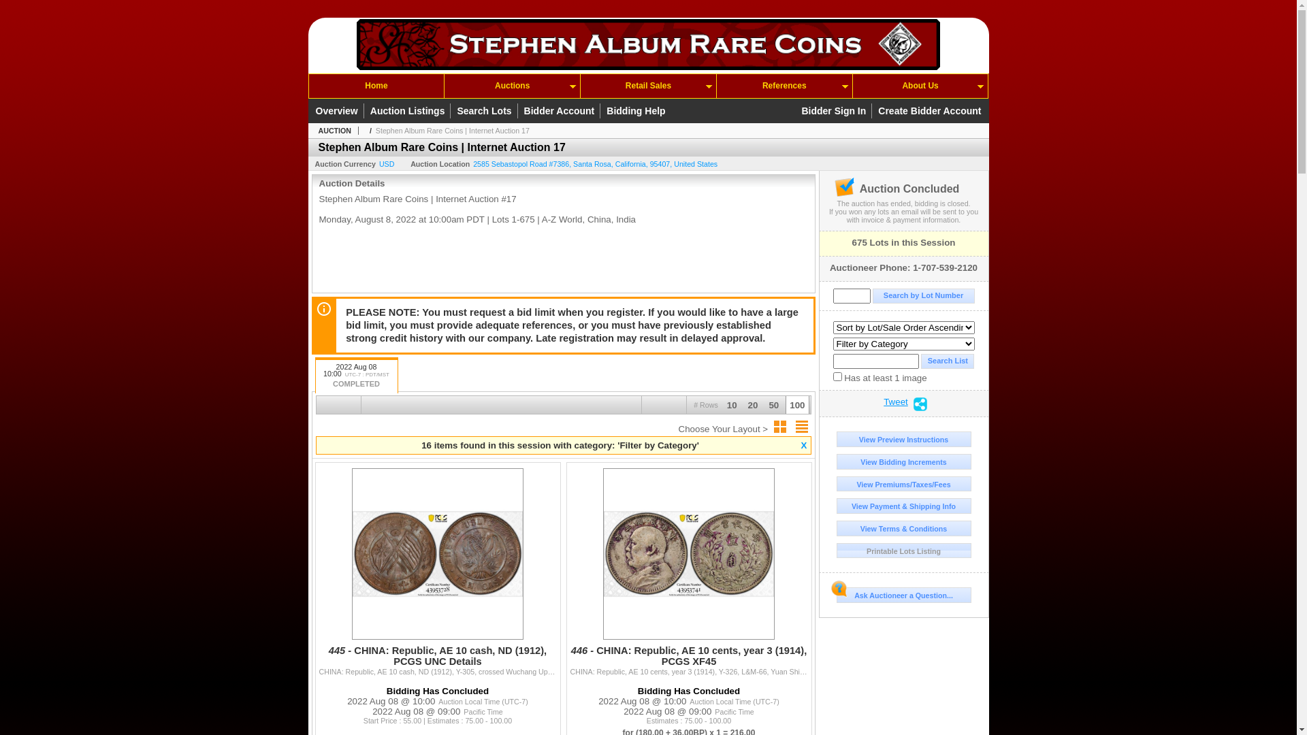 This screenshot has height=735, width=1307. What do you see at coordinates (903, 483) in the screenshot?
I see `'View Premiums/Taxes/Fees'` at bounding box center [903, 483].